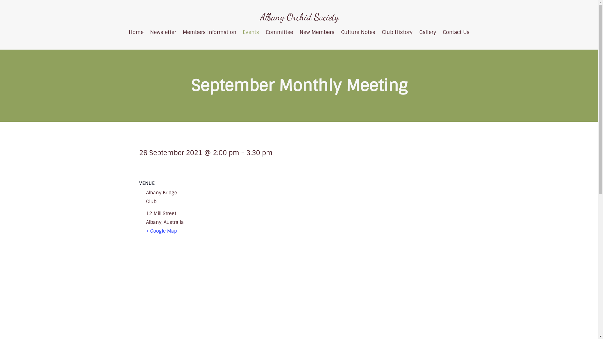 Image resolution: width=603 pixels, height=339 pixels. What do you see at coordinates (427, 31) in the screenshot?
I see `'Gallery'` at bounding box center [427, 31].